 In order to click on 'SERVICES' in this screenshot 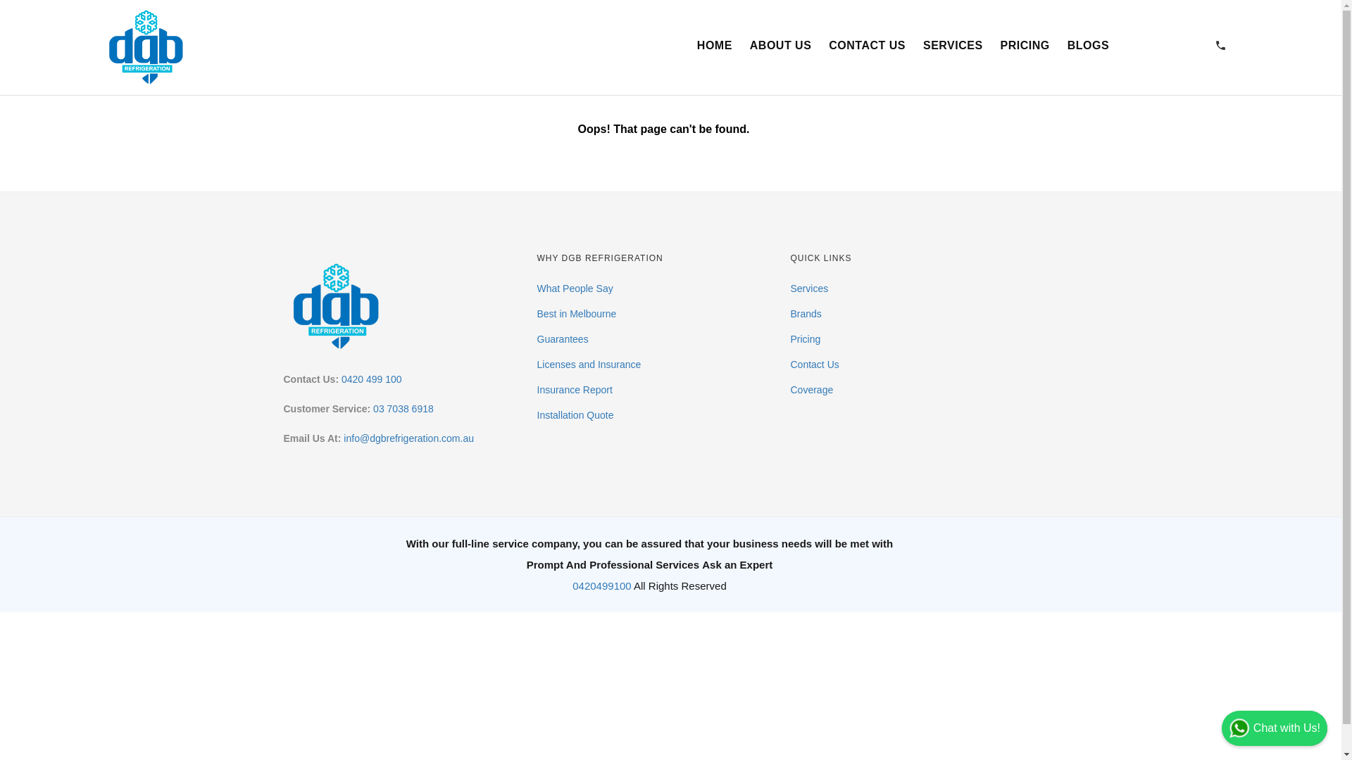, I will do `click(953, 45)`.